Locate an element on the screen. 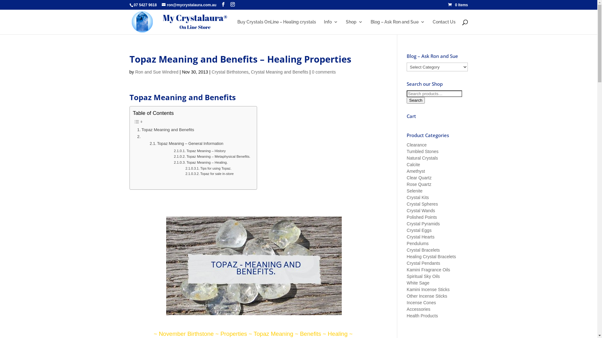  'Clearance' is located at coordinates (417, 145).